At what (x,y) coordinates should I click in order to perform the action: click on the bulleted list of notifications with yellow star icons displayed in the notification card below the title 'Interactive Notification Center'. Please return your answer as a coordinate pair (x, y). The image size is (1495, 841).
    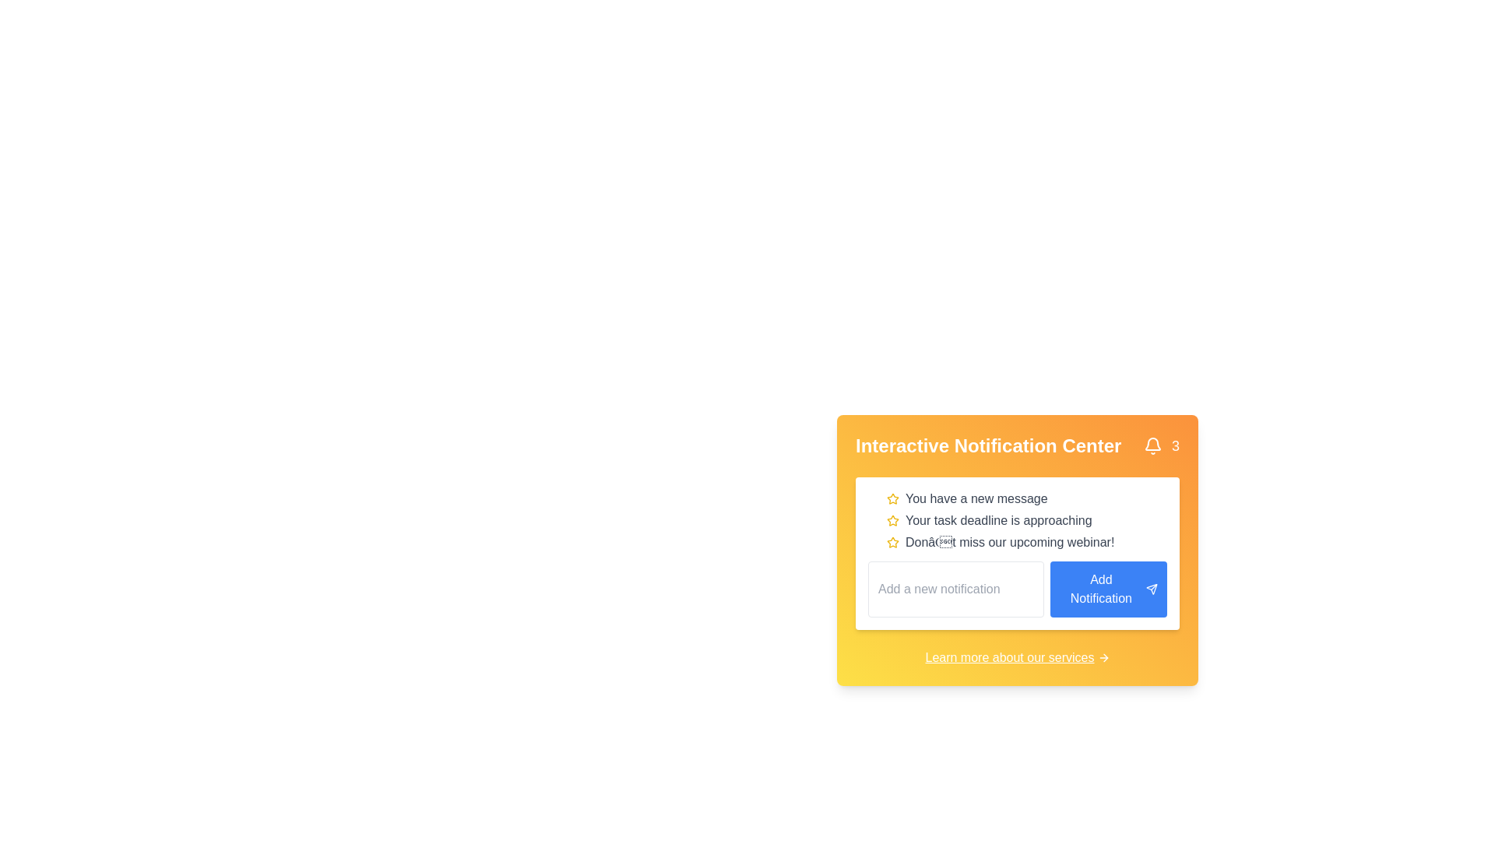
    Looking at the image, I should click on (1017, 520).